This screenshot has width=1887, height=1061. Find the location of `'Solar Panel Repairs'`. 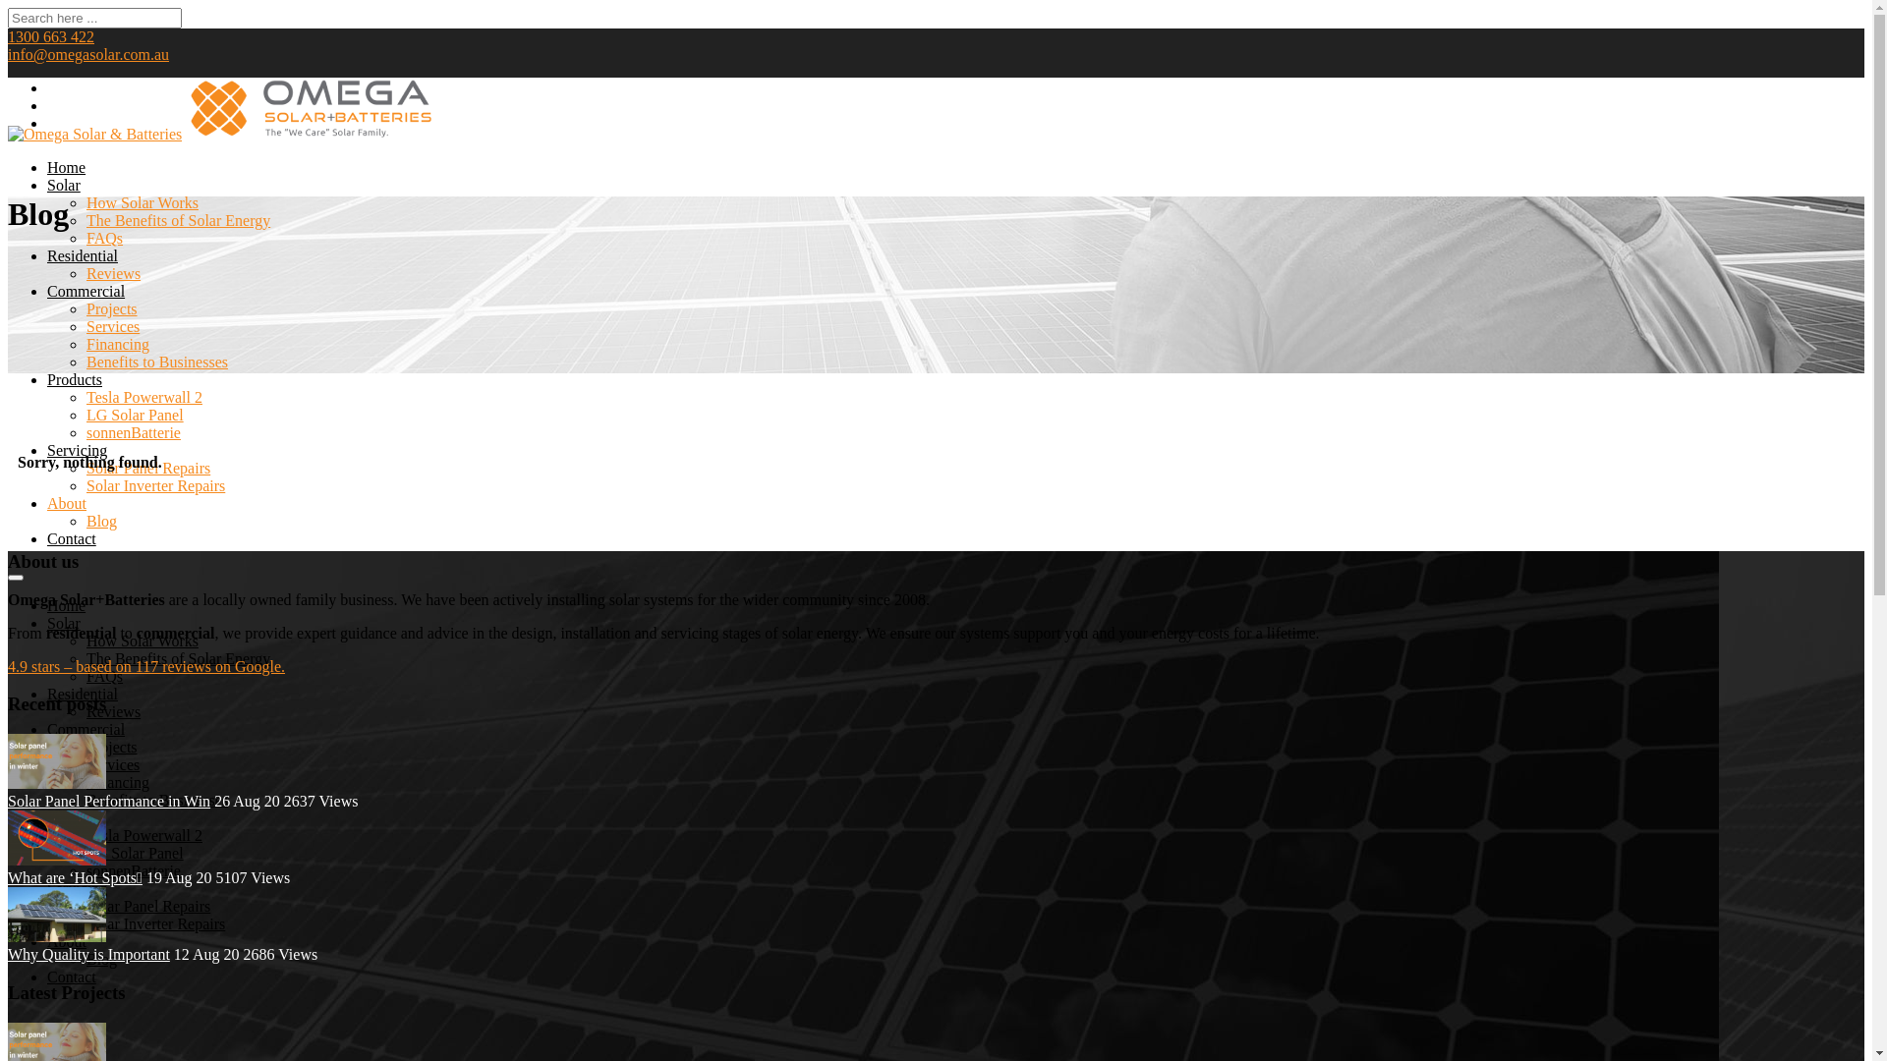

'Solar Panel Repairs' is located at coordinates (146, 906).